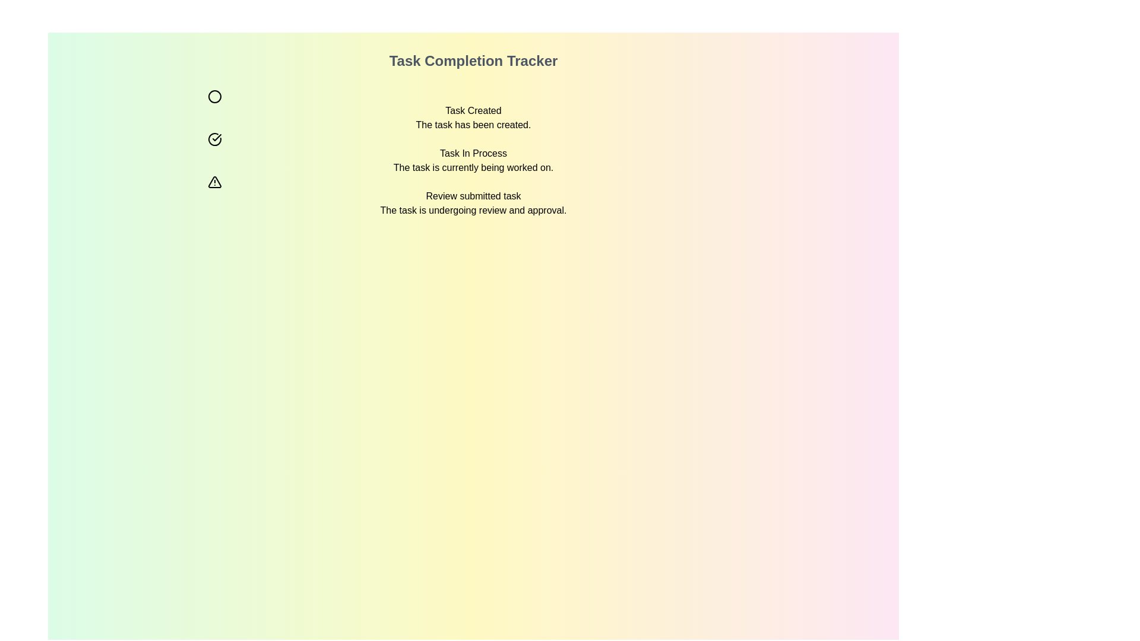 Image resolution: width=1140 pixels, height=641 pixels. I want to click on the status indicator icon for 'Review submitted task', which is the third icon in a vertical arrangement of status icons, so click(214, 182).